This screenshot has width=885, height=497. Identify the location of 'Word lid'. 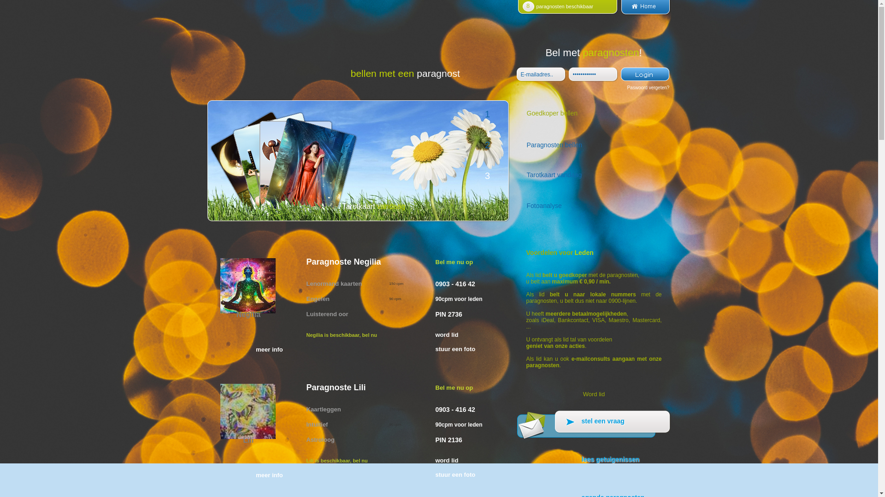
(594, 394).